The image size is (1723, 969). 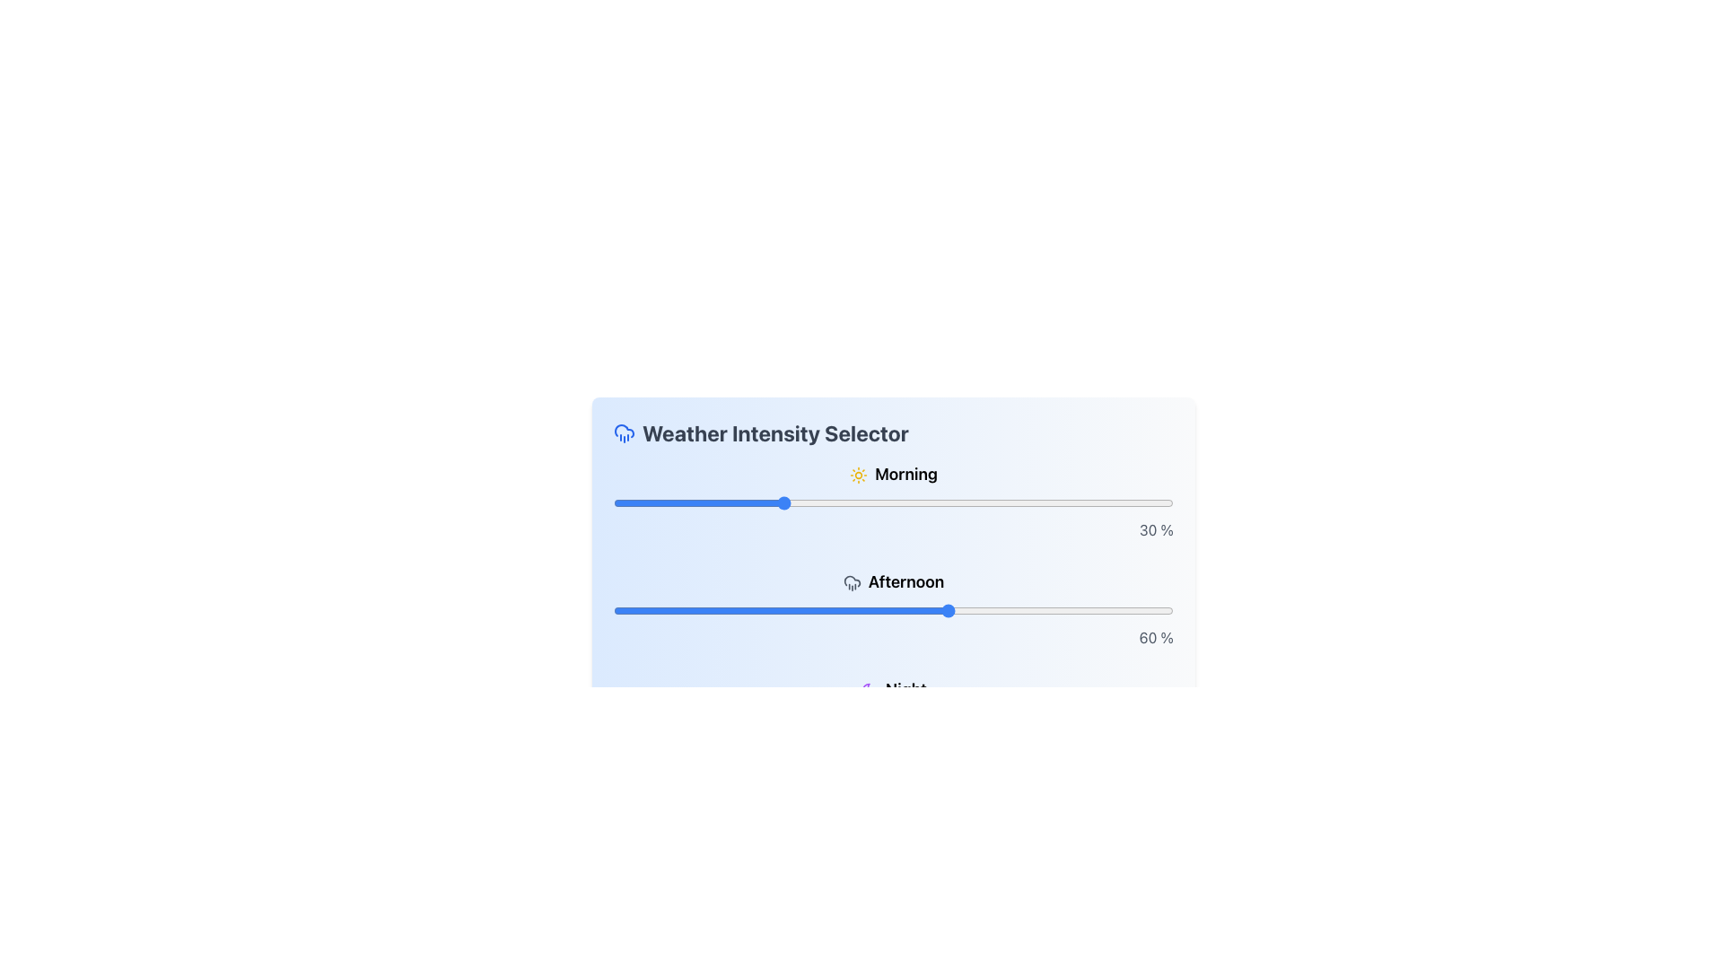 What do you see at coordinates (882, 610) in the screenshot?
I see `the afternoon slider` at bounding box center [882, 610].